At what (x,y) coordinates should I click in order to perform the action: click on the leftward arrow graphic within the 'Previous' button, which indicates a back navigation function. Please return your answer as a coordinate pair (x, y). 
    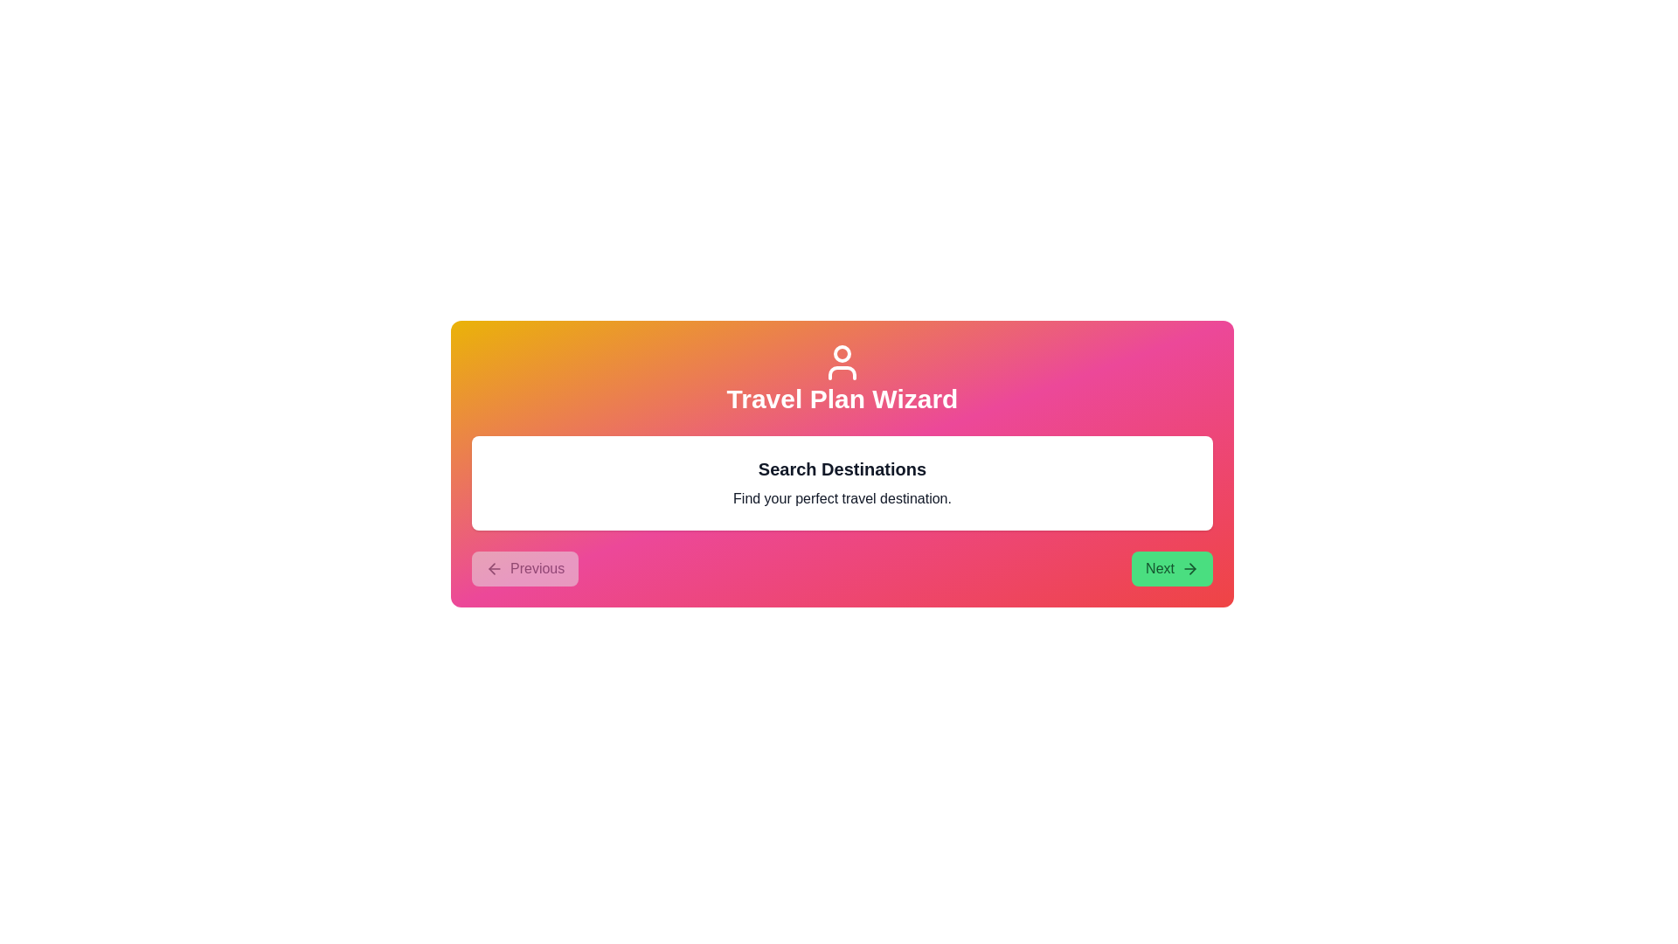
    Looking at the image, I should click on (491, 569).